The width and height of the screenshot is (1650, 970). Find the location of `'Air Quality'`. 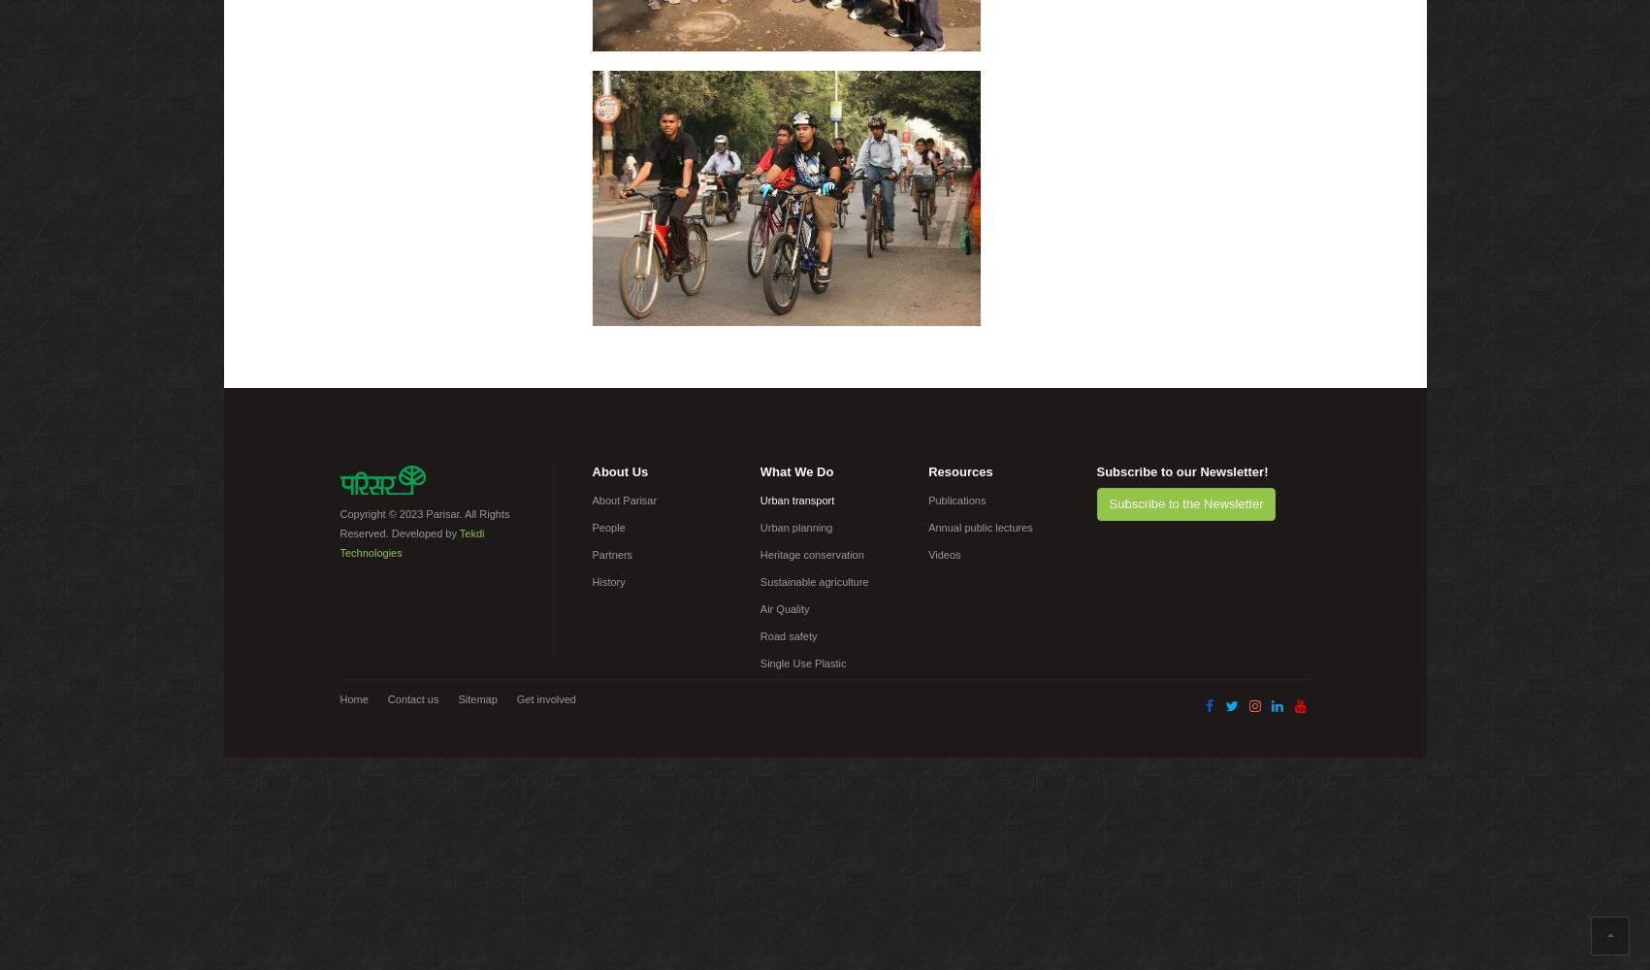

'Air Quality' is located at coordinates (784, 609).